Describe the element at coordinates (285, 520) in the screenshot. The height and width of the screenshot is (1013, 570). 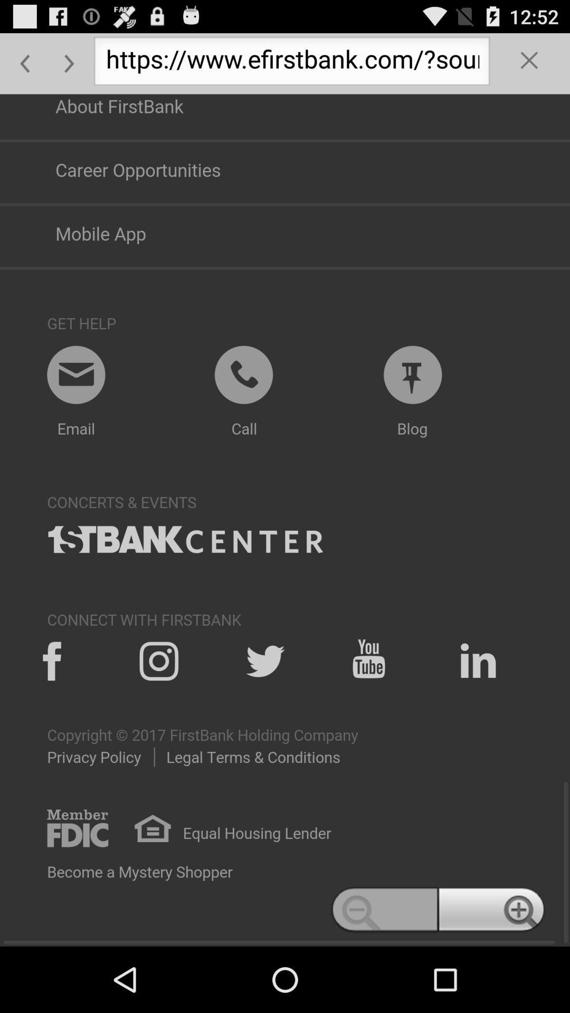
I see `swtich autoplay option` at that location.